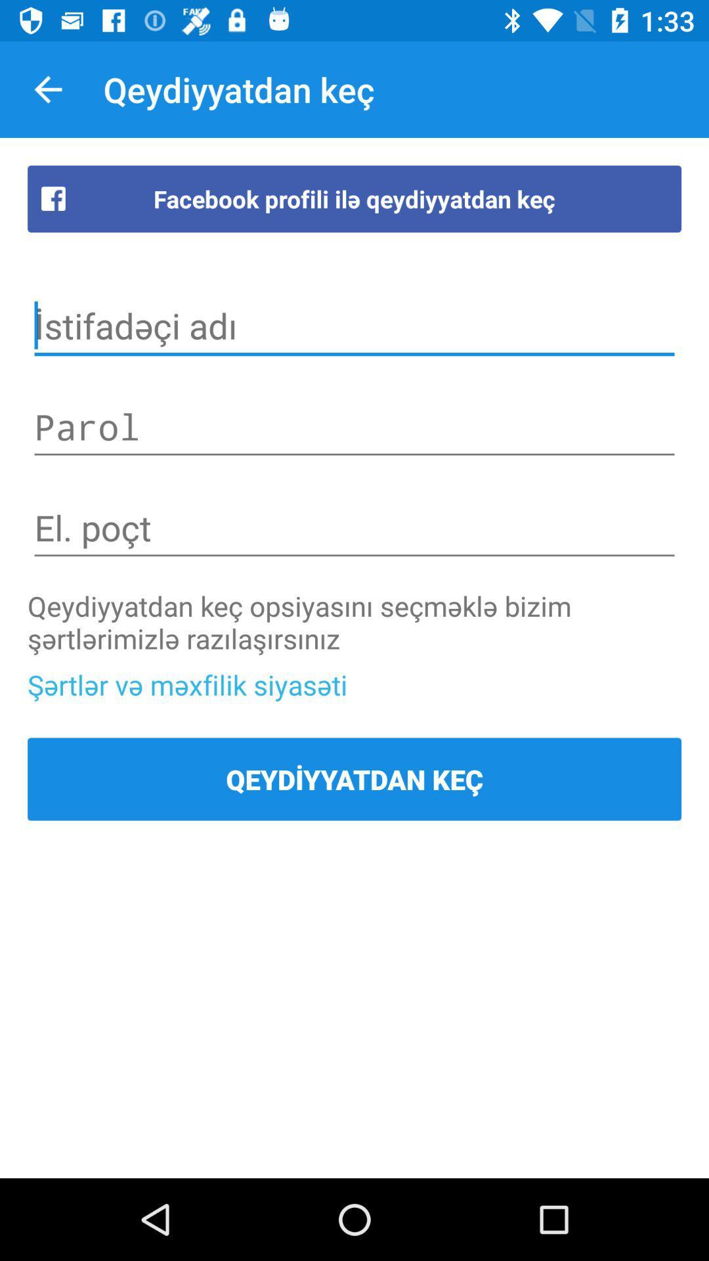  What do you see at coordinates (47, 89) in the screenshot?
I see `icon at the top left corner` at bounding box center [47, 89].